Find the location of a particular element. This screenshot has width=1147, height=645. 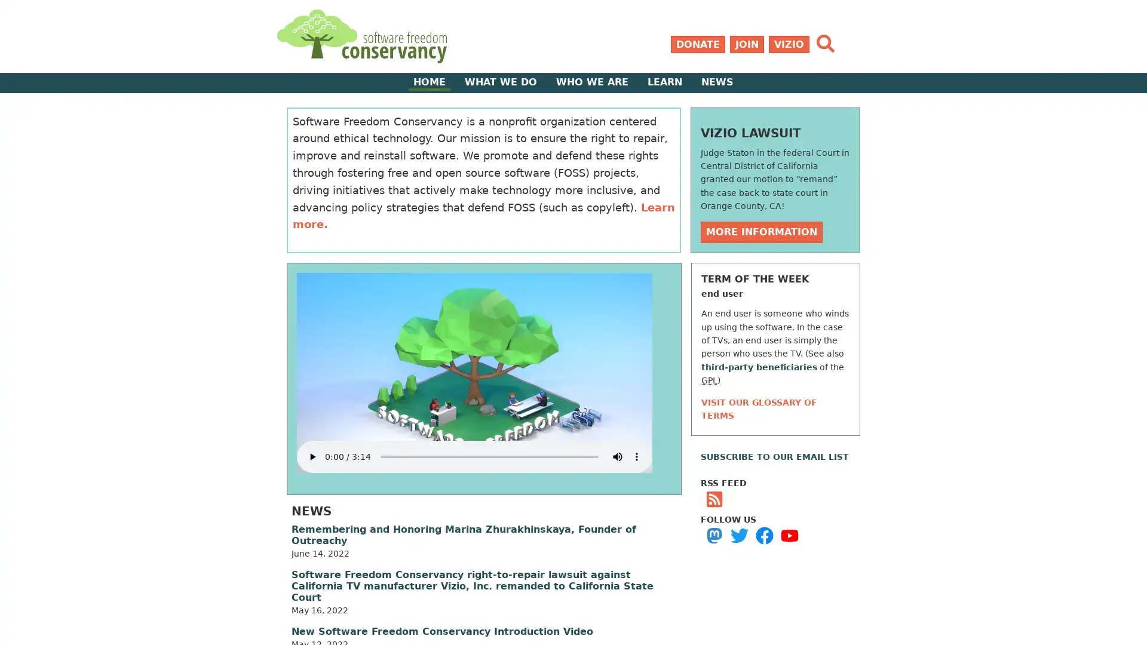

play is located at coordinates (312, 456).